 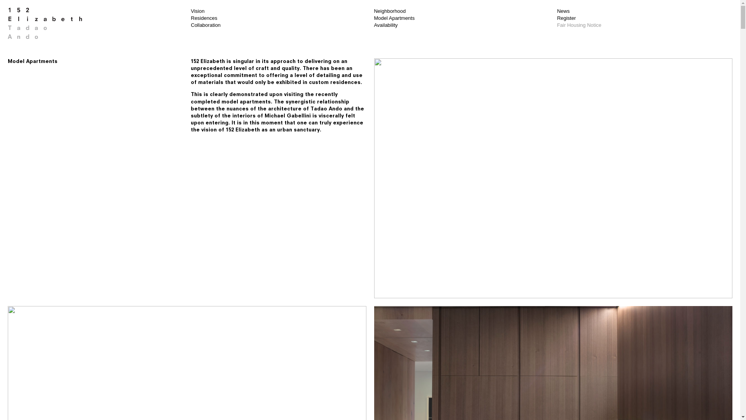 I want to click on 'News', so click(x=563, y=11).